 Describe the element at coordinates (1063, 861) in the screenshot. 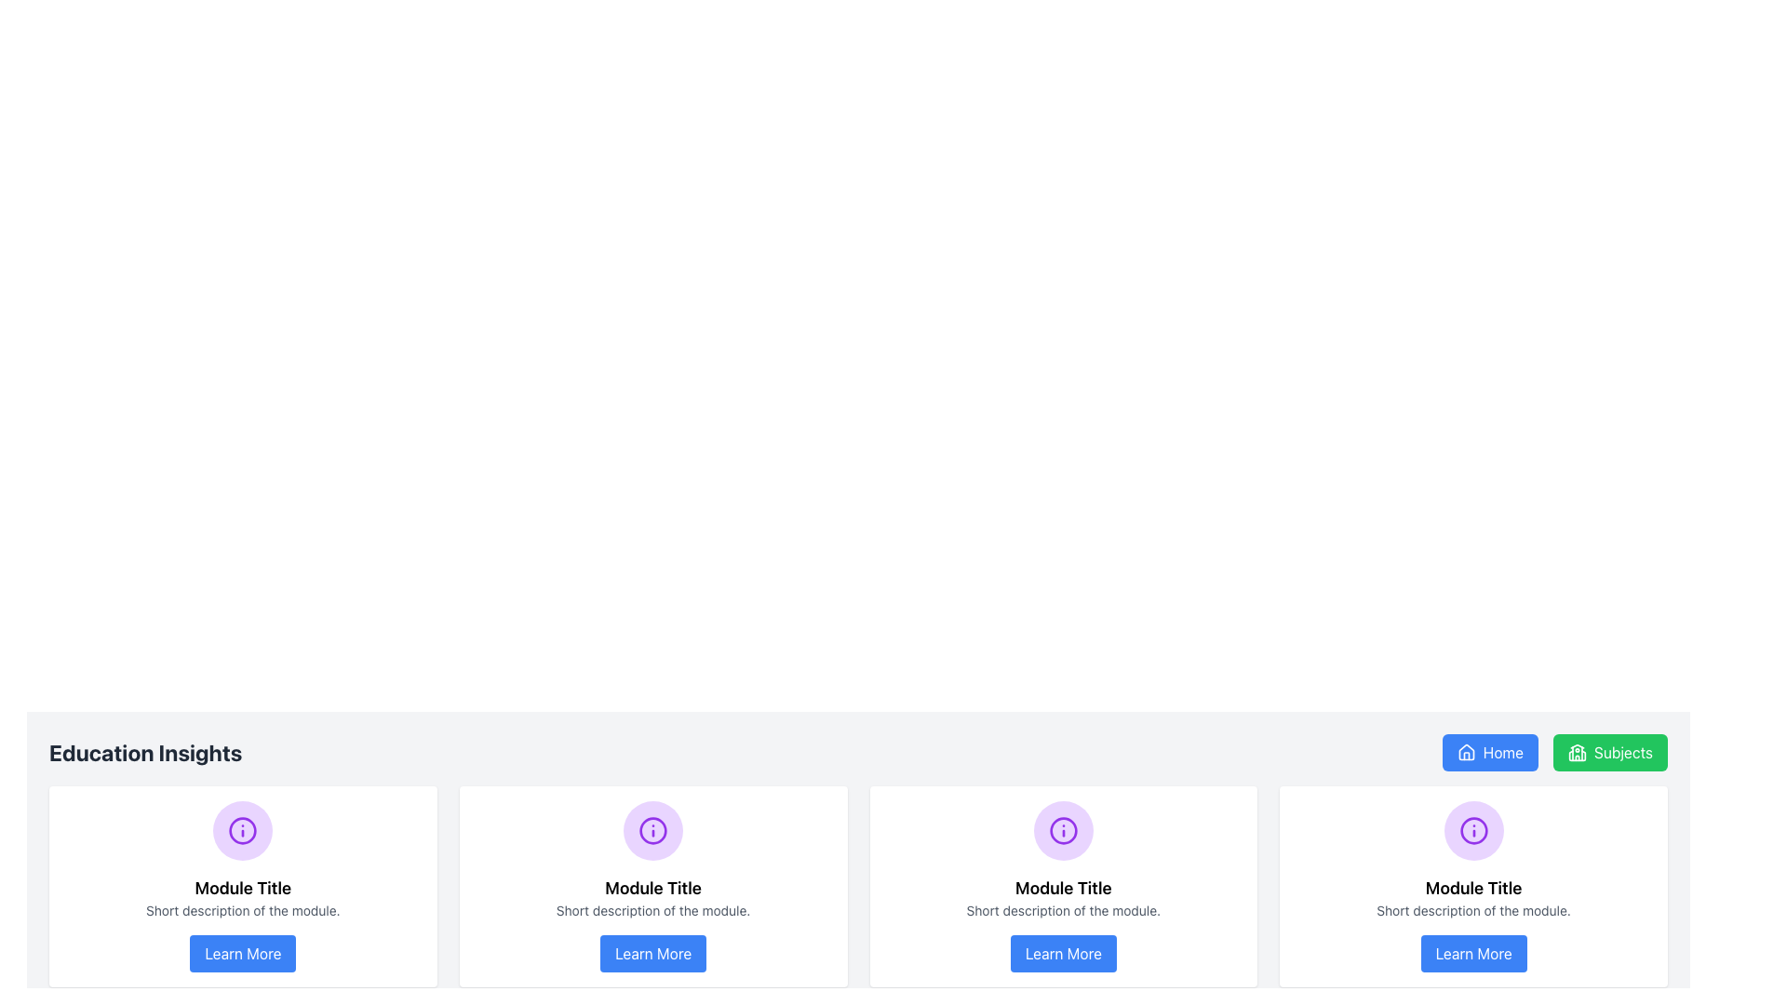

I see `the content displayed in the third card of the row, which contains an info symbol, title, and brief description, located directly above the blue 'Learn More' button` at that location.